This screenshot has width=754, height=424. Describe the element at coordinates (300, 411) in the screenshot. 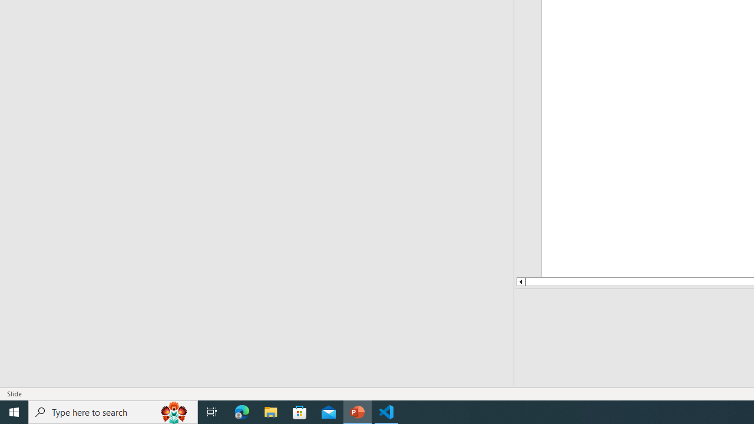

I see `'Microsoft Store'` at that location.